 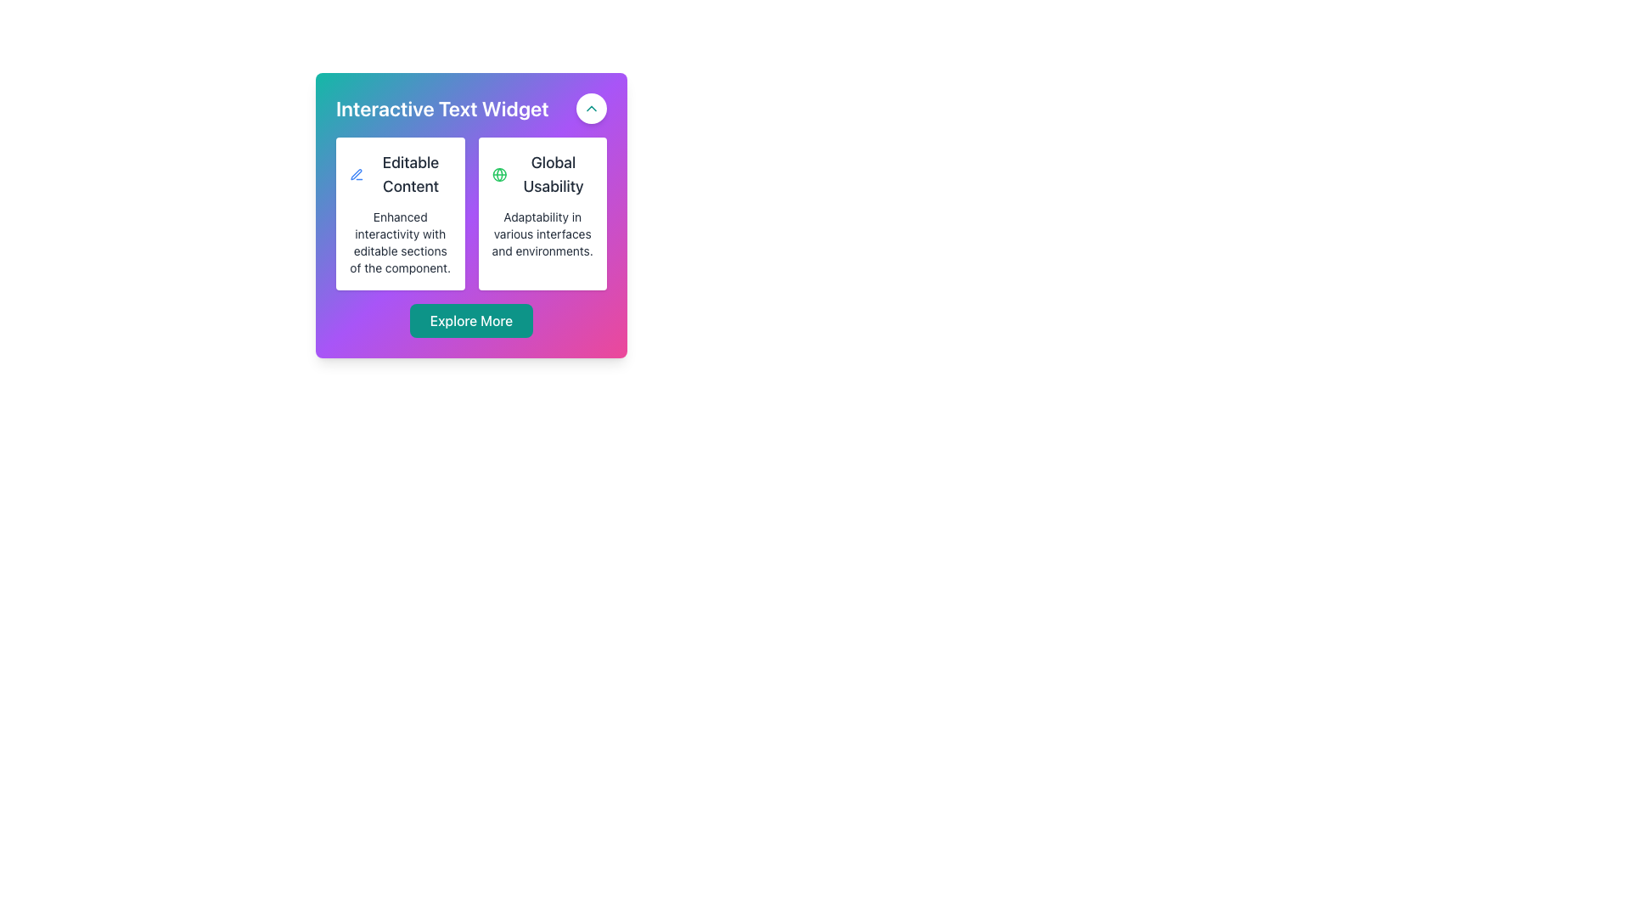 What do you see at coordinates (542, 174) in the screenshot?
I see `the 'Global Usability' heading which features a green globe icon on the left and bold text on the right, positioned within a white card below the 'Editable Content' card` at bounding box center [542, 174].